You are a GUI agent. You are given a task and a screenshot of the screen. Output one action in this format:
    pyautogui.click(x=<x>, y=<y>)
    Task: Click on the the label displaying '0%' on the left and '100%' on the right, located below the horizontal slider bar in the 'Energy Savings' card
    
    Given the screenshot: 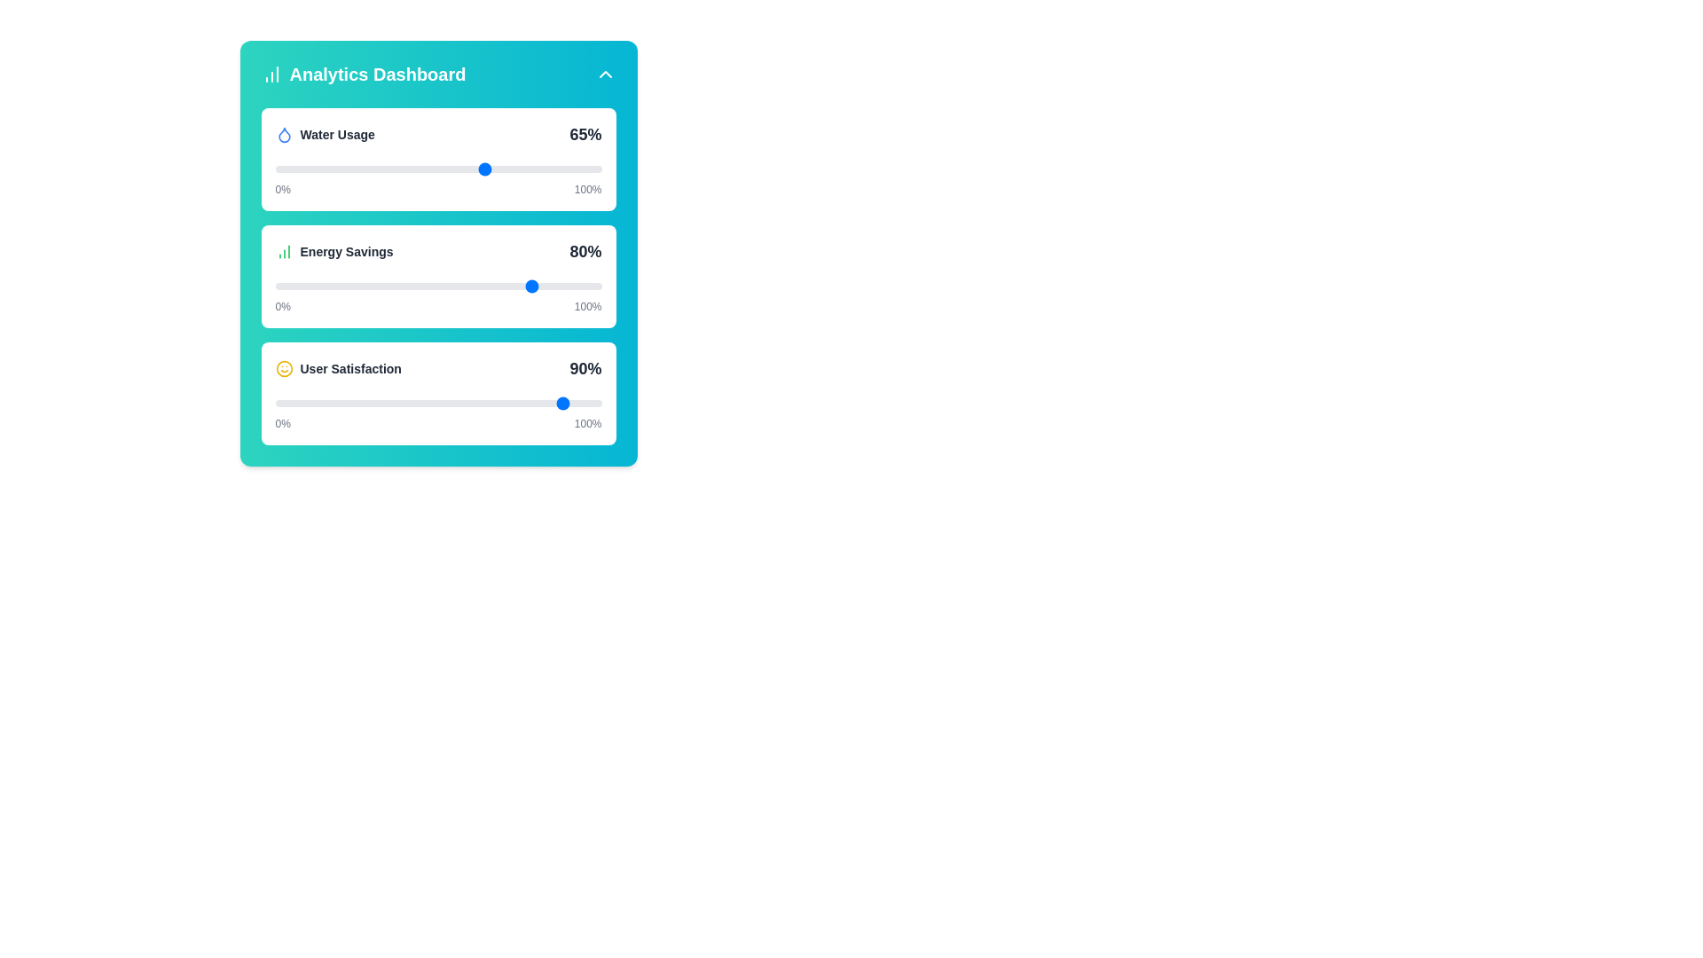 What is the action you would take?
    pyautogui.click(x=438, y=306)
    